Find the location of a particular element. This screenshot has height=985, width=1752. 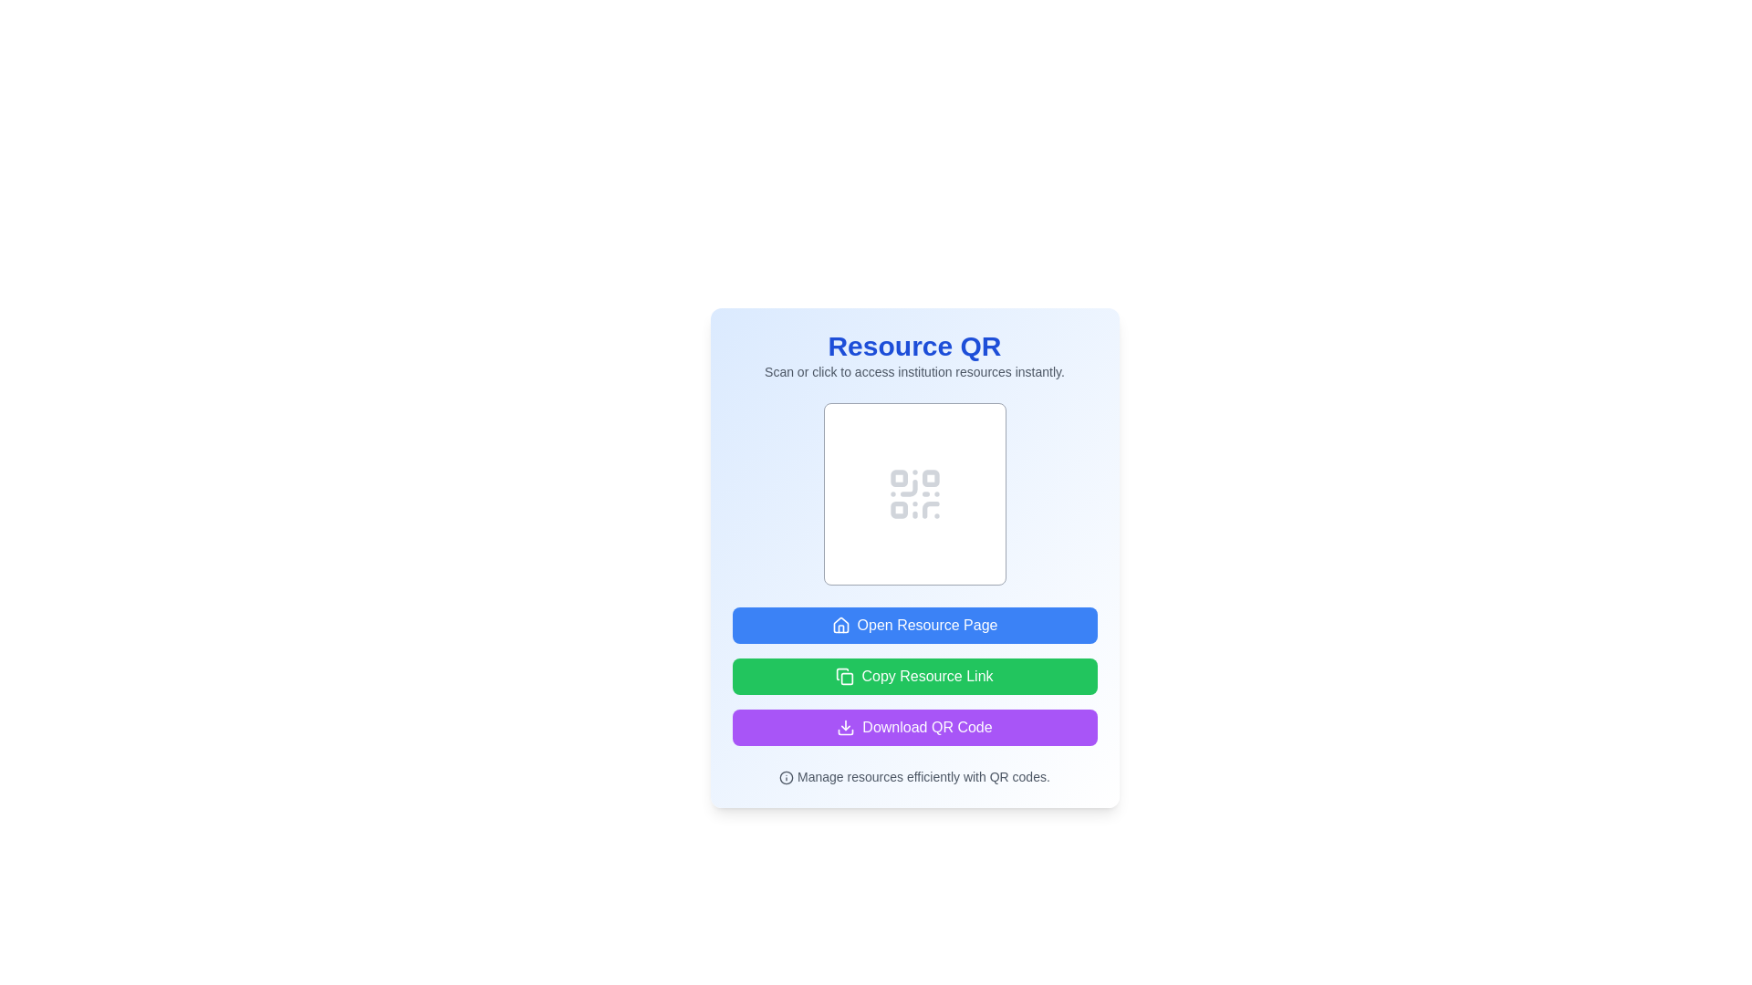

text label displaying 'Open Resource Page' within the blue button located below the QR code placeholder is located at coordinates (927, 625).